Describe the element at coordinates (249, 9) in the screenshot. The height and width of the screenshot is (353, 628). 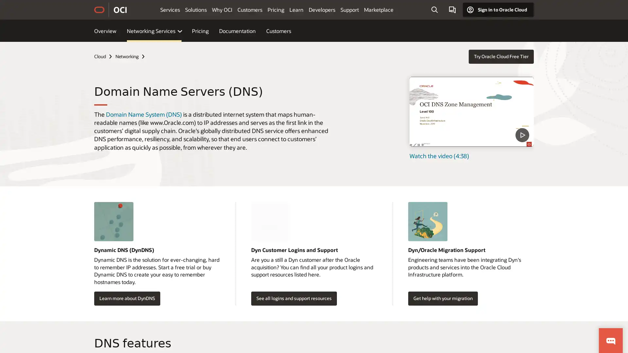
I see `Customers` at that location.